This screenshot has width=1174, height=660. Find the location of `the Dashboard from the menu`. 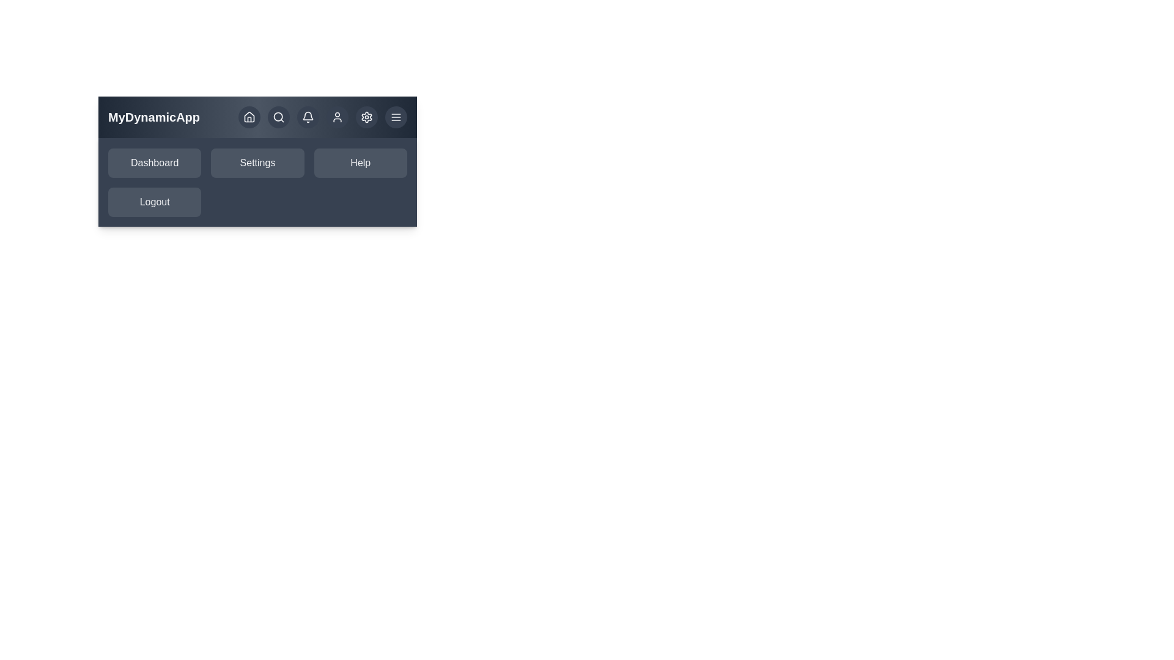

the Dashboard from the menu is located at coordinates (154, 162).